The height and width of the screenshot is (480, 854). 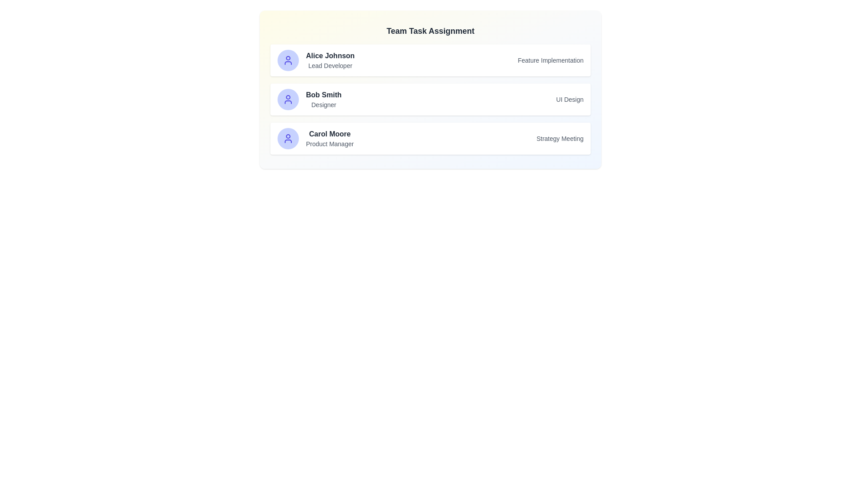 What do you see at coordinates (288, 60) in the screenshot?
I see `the user avatar icon representing 'Alice Johnson' located at the top-left corner of the card` at bounding box center [288, 60].